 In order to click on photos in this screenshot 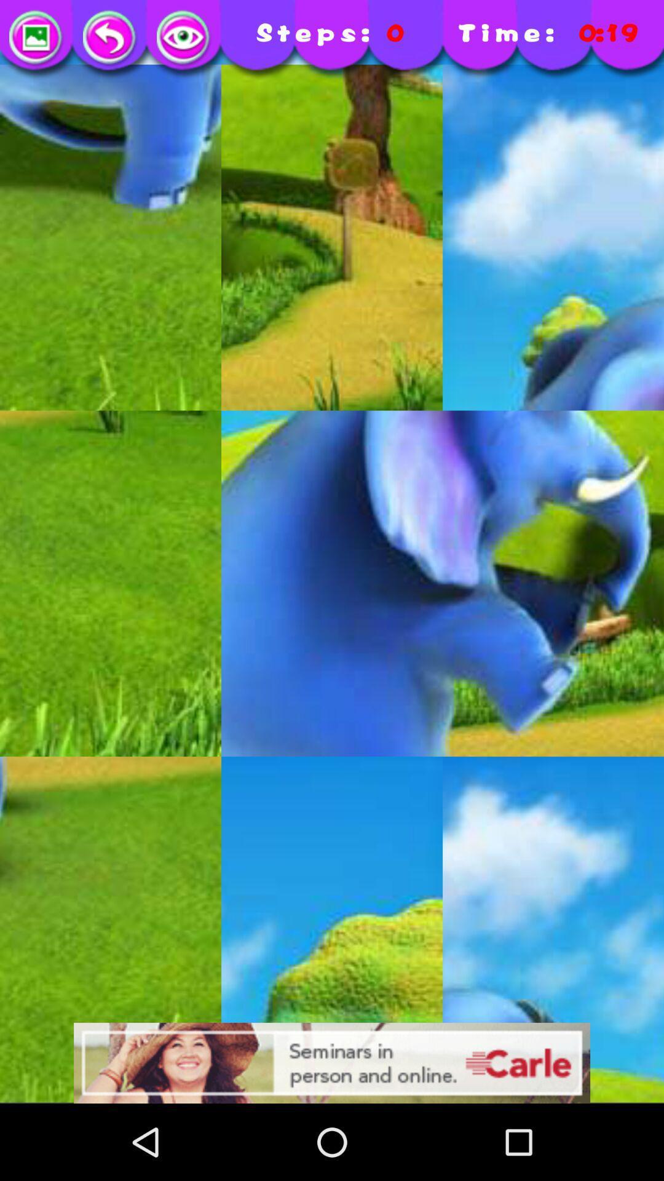, I will do `click(36, 38)`.